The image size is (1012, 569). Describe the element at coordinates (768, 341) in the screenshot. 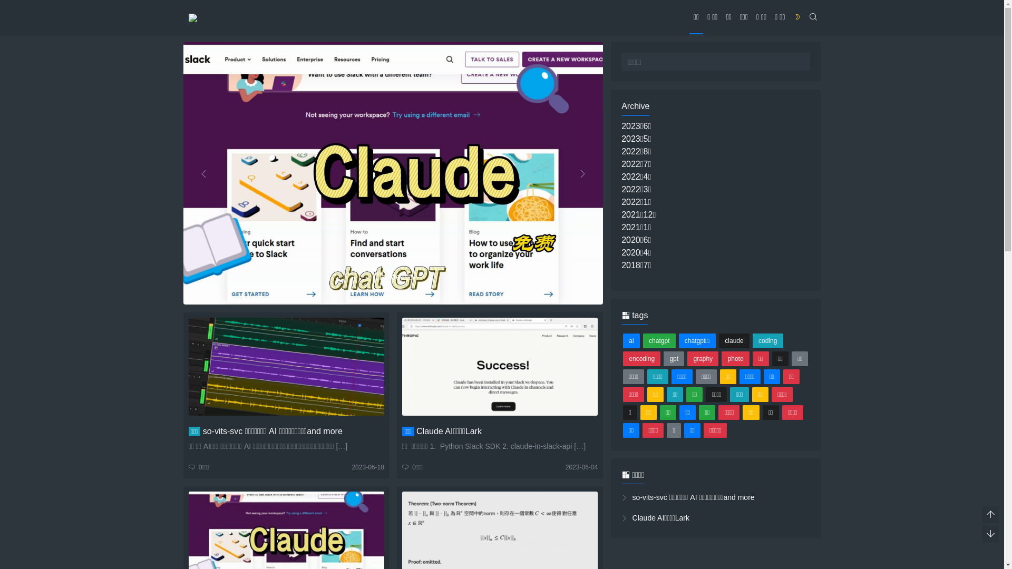

I see `'coding'` at that location.